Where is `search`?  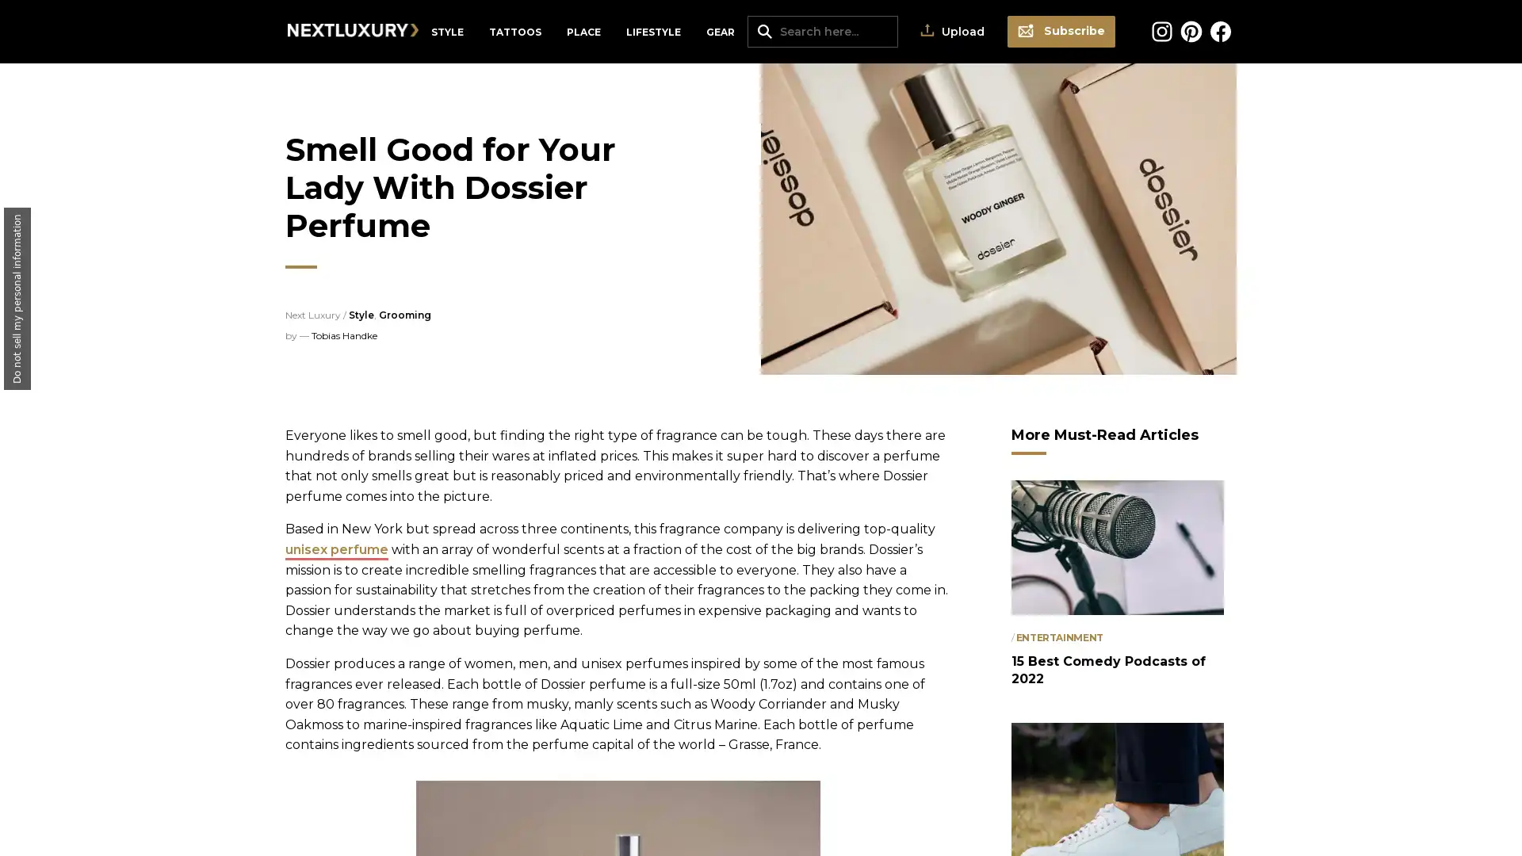
search is located at coordinates (764, 30).